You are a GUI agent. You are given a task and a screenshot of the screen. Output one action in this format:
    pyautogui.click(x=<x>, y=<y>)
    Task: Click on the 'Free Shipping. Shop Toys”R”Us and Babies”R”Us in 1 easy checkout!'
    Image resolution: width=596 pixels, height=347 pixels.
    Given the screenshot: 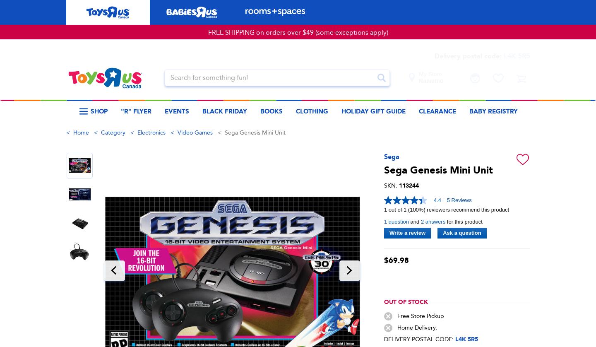 What is the action you would take?
    pyautogui.click(x=298, y=151)
    